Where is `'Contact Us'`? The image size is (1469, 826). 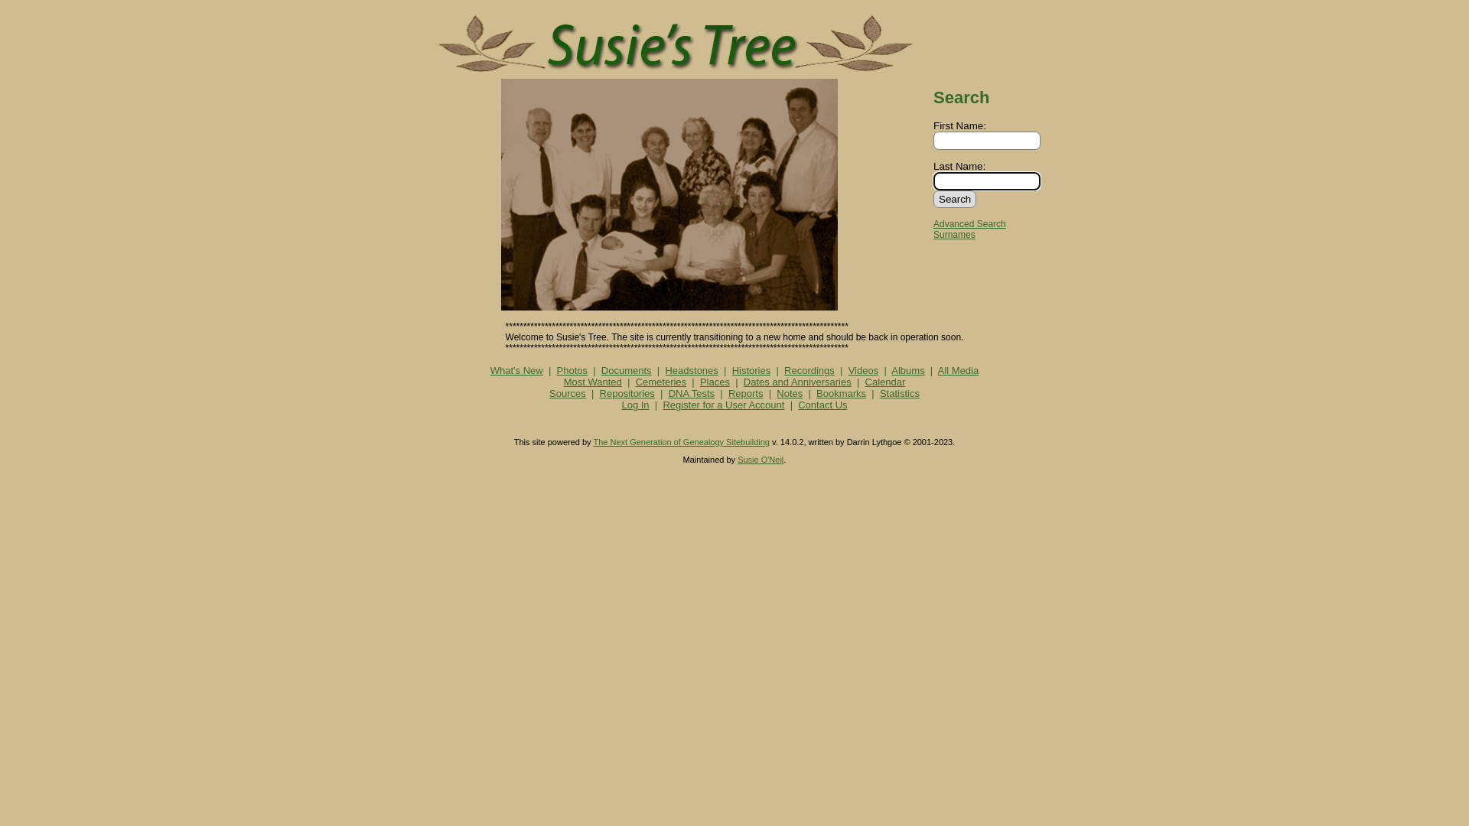 'Contact Us' is located at coordinates (822, 404).